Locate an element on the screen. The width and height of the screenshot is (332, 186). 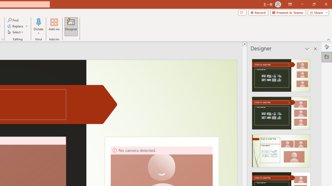
'Comments' is located at coordinates (242, 12).